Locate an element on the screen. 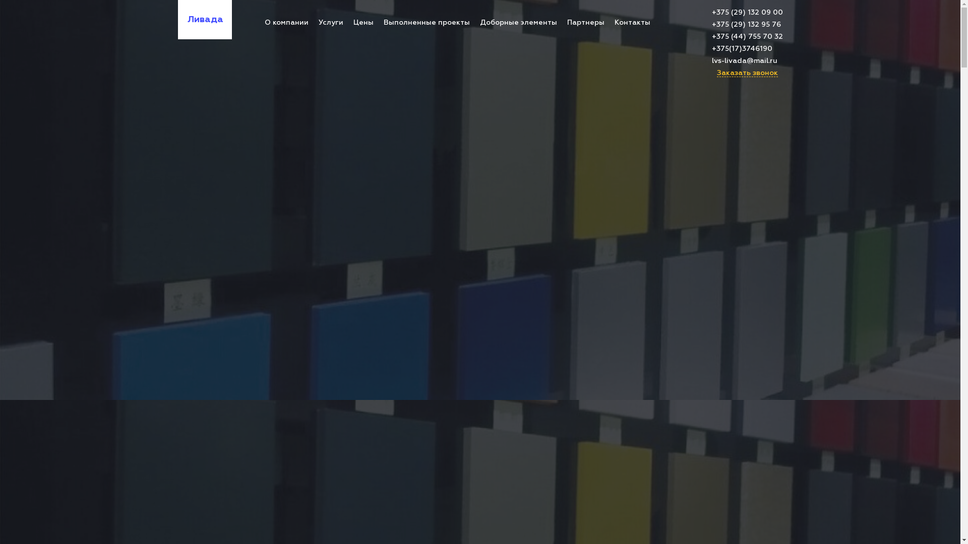  '+375 (44) 755 70 32' is located at coordinates (747, 36).